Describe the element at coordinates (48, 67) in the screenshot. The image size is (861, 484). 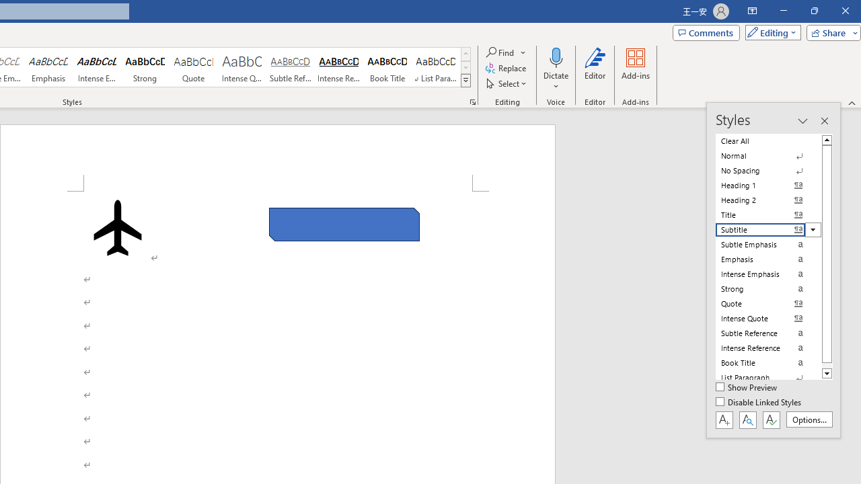
I see `'Emphasis'` at that location.